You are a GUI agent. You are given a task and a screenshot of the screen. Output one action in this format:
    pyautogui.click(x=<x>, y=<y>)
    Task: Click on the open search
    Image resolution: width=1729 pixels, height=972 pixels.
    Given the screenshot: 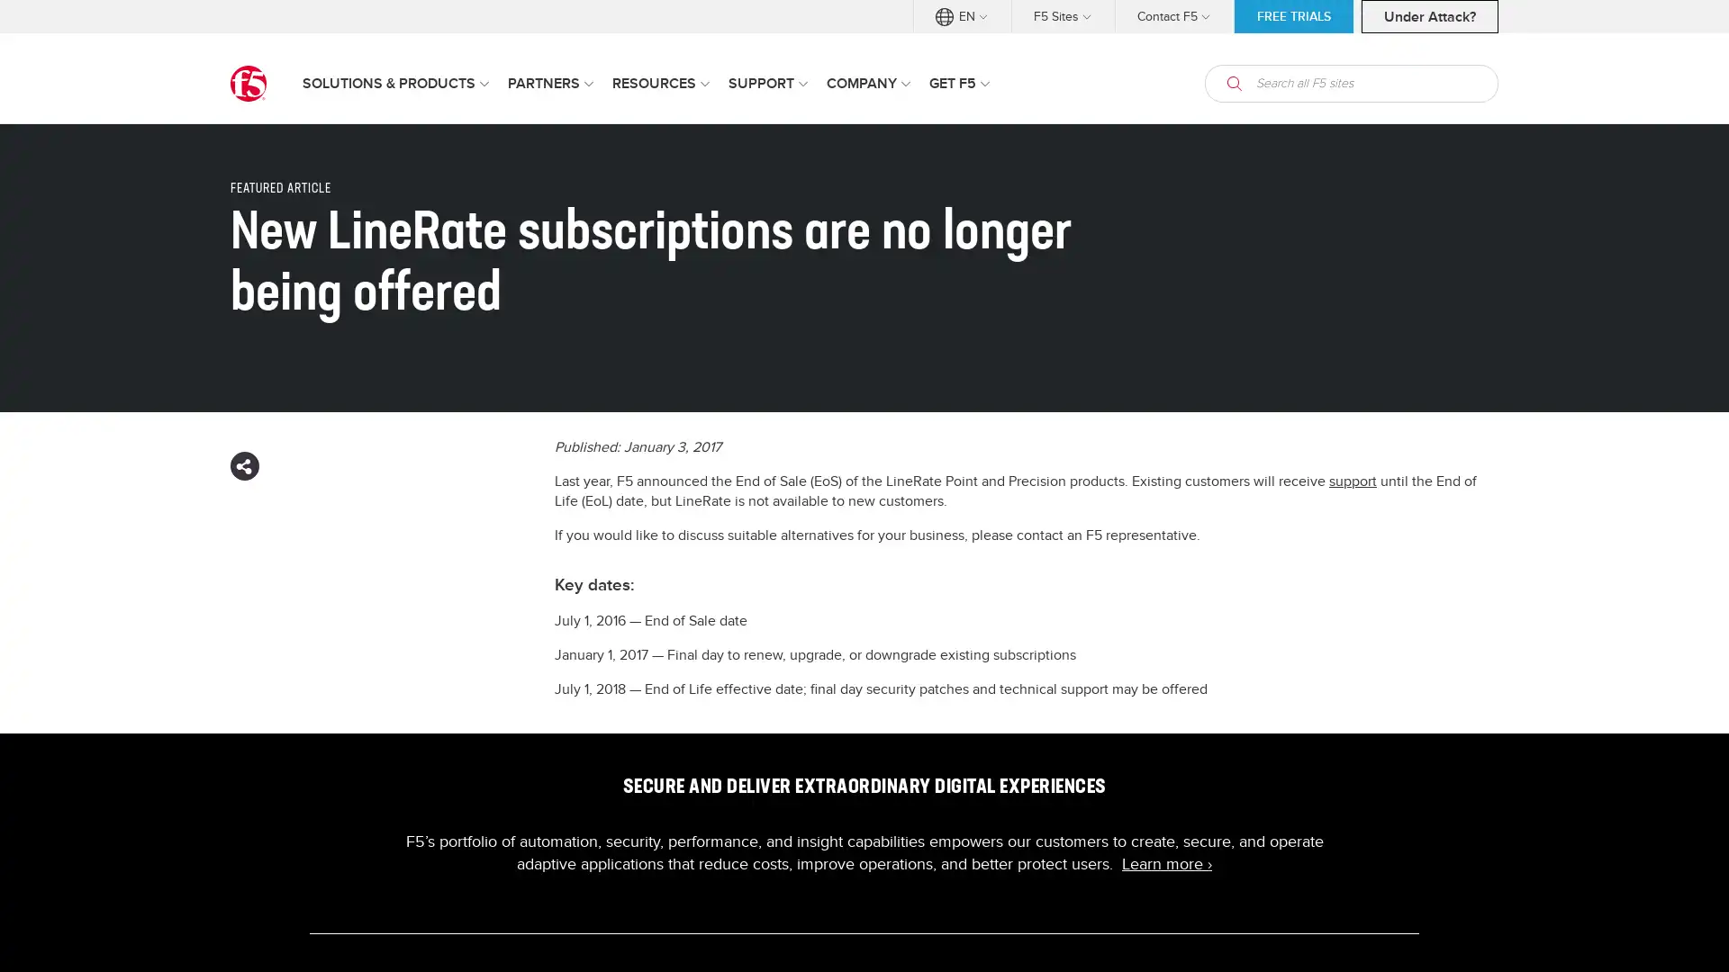 What is the action you would take?
    pyautogui.click(x=1232, y=83)
    